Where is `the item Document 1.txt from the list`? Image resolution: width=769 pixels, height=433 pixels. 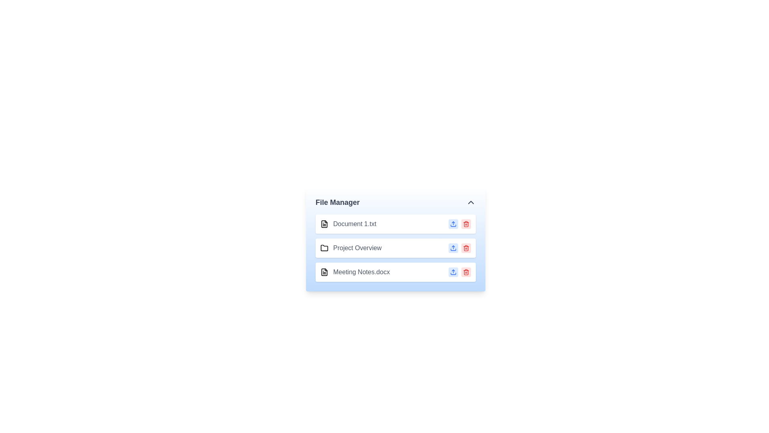
the item Document 1.txt from the list is located at coordinates (348, 224).